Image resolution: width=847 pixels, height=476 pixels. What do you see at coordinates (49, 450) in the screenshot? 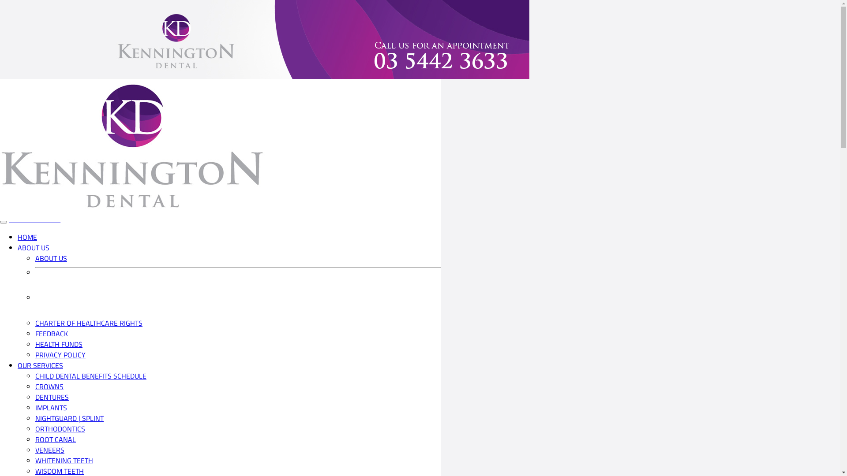
I see `'VENEERS'` at bounding box center [49, 450].